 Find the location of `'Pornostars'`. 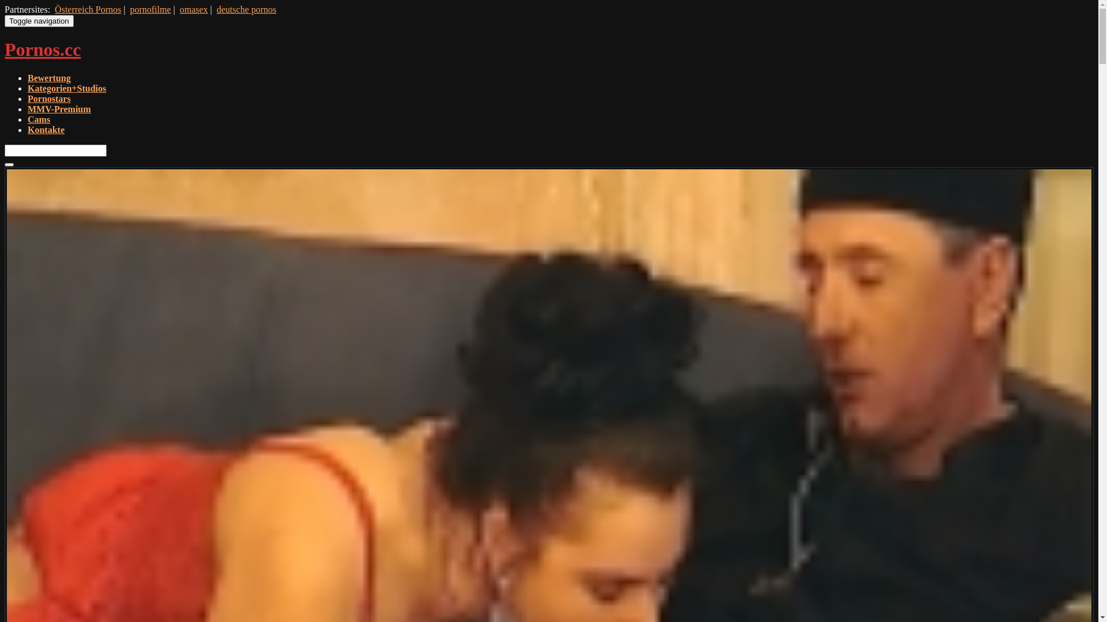

'Pornostars' is located at coordinates (48, 98).